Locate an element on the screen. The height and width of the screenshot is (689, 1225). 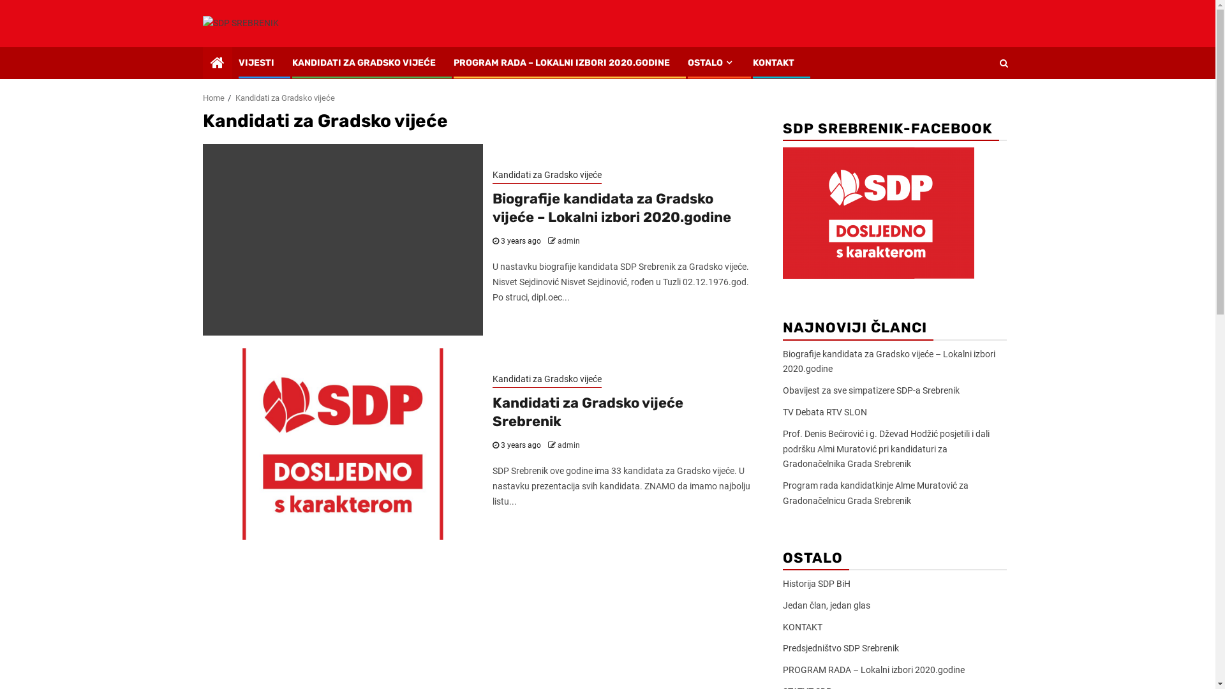
'VIJESTI' is located at coordinates (256, 63).